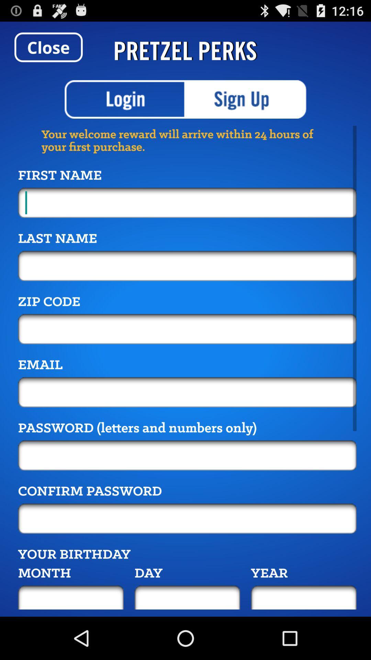 The width and height of the screenshot is (371, 660). Describe the element at coordinates (187, 597) in the screenshot. I see `your birthday` at that location.